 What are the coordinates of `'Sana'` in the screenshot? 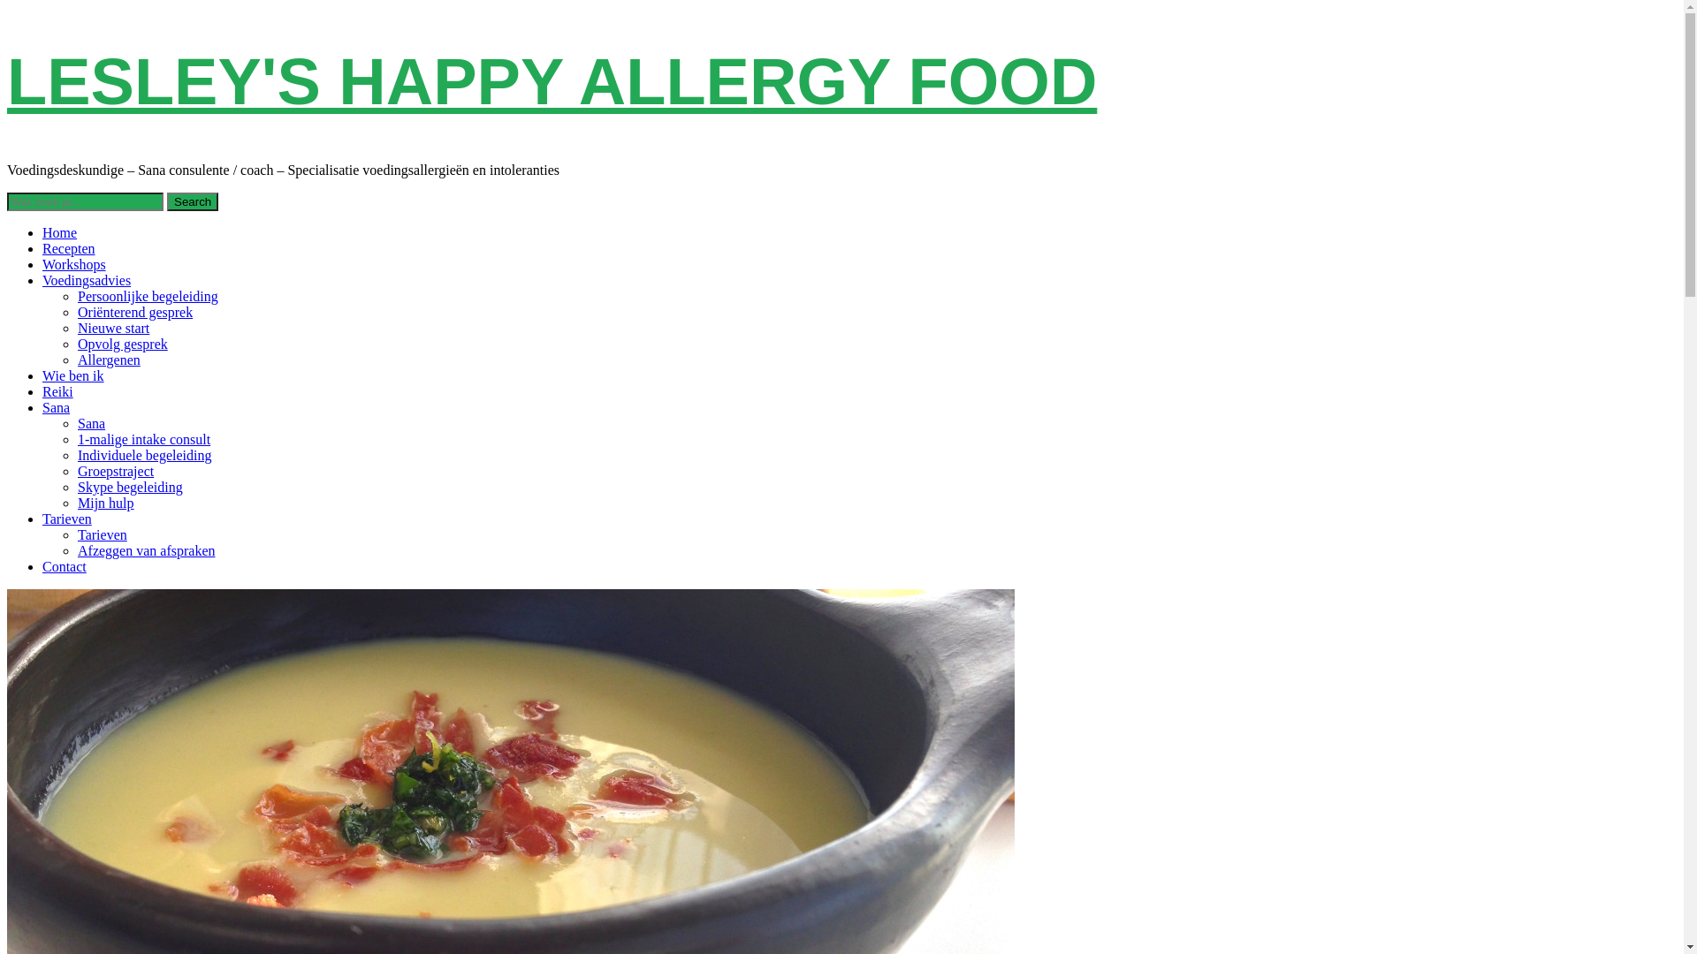 It's located at (56, 407).